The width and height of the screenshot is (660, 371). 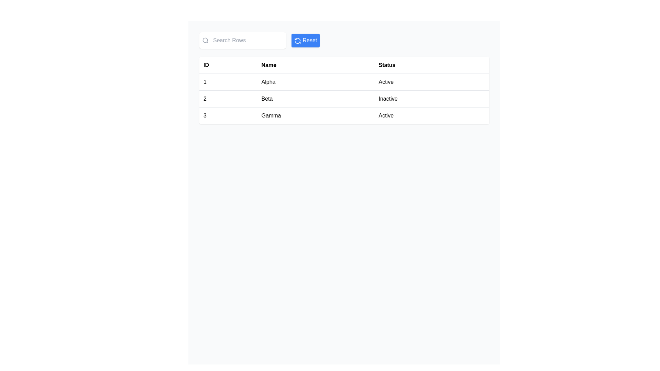 I want to click on the row containing '2', 'Beta', and 'Inactive', so click(x=344, y=99).